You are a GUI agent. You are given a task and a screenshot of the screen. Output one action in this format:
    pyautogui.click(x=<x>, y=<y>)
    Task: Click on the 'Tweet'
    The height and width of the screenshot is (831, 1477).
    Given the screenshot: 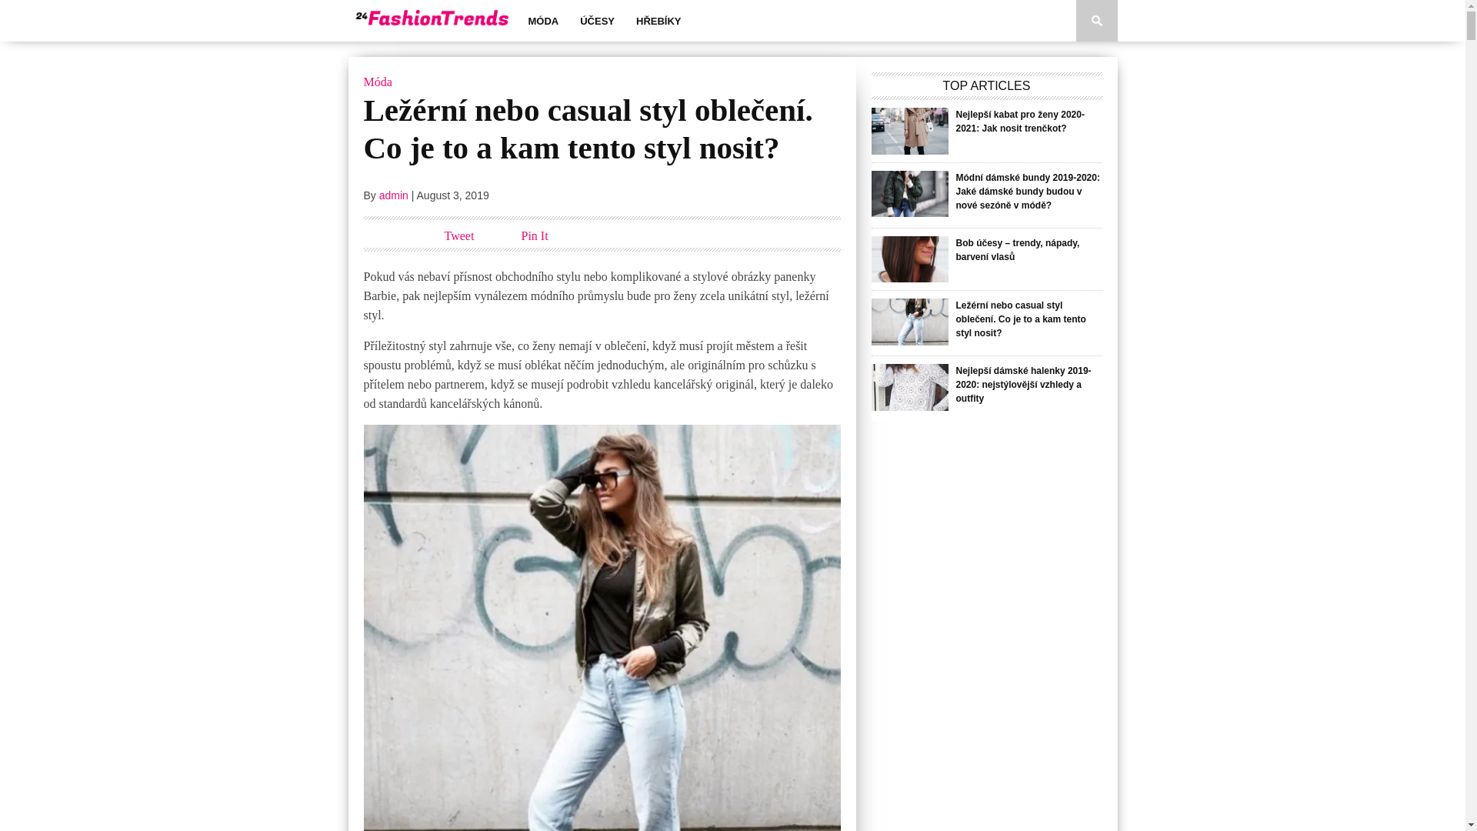 What is the action you would take?
    pyautogui.click(x=443, y=235)
    